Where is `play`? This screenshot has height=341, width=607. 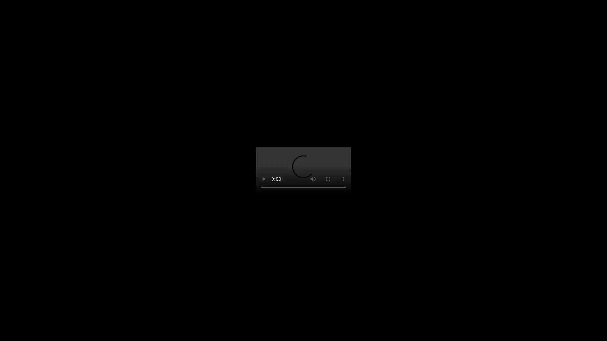 play is located at coordinates (264, 179).